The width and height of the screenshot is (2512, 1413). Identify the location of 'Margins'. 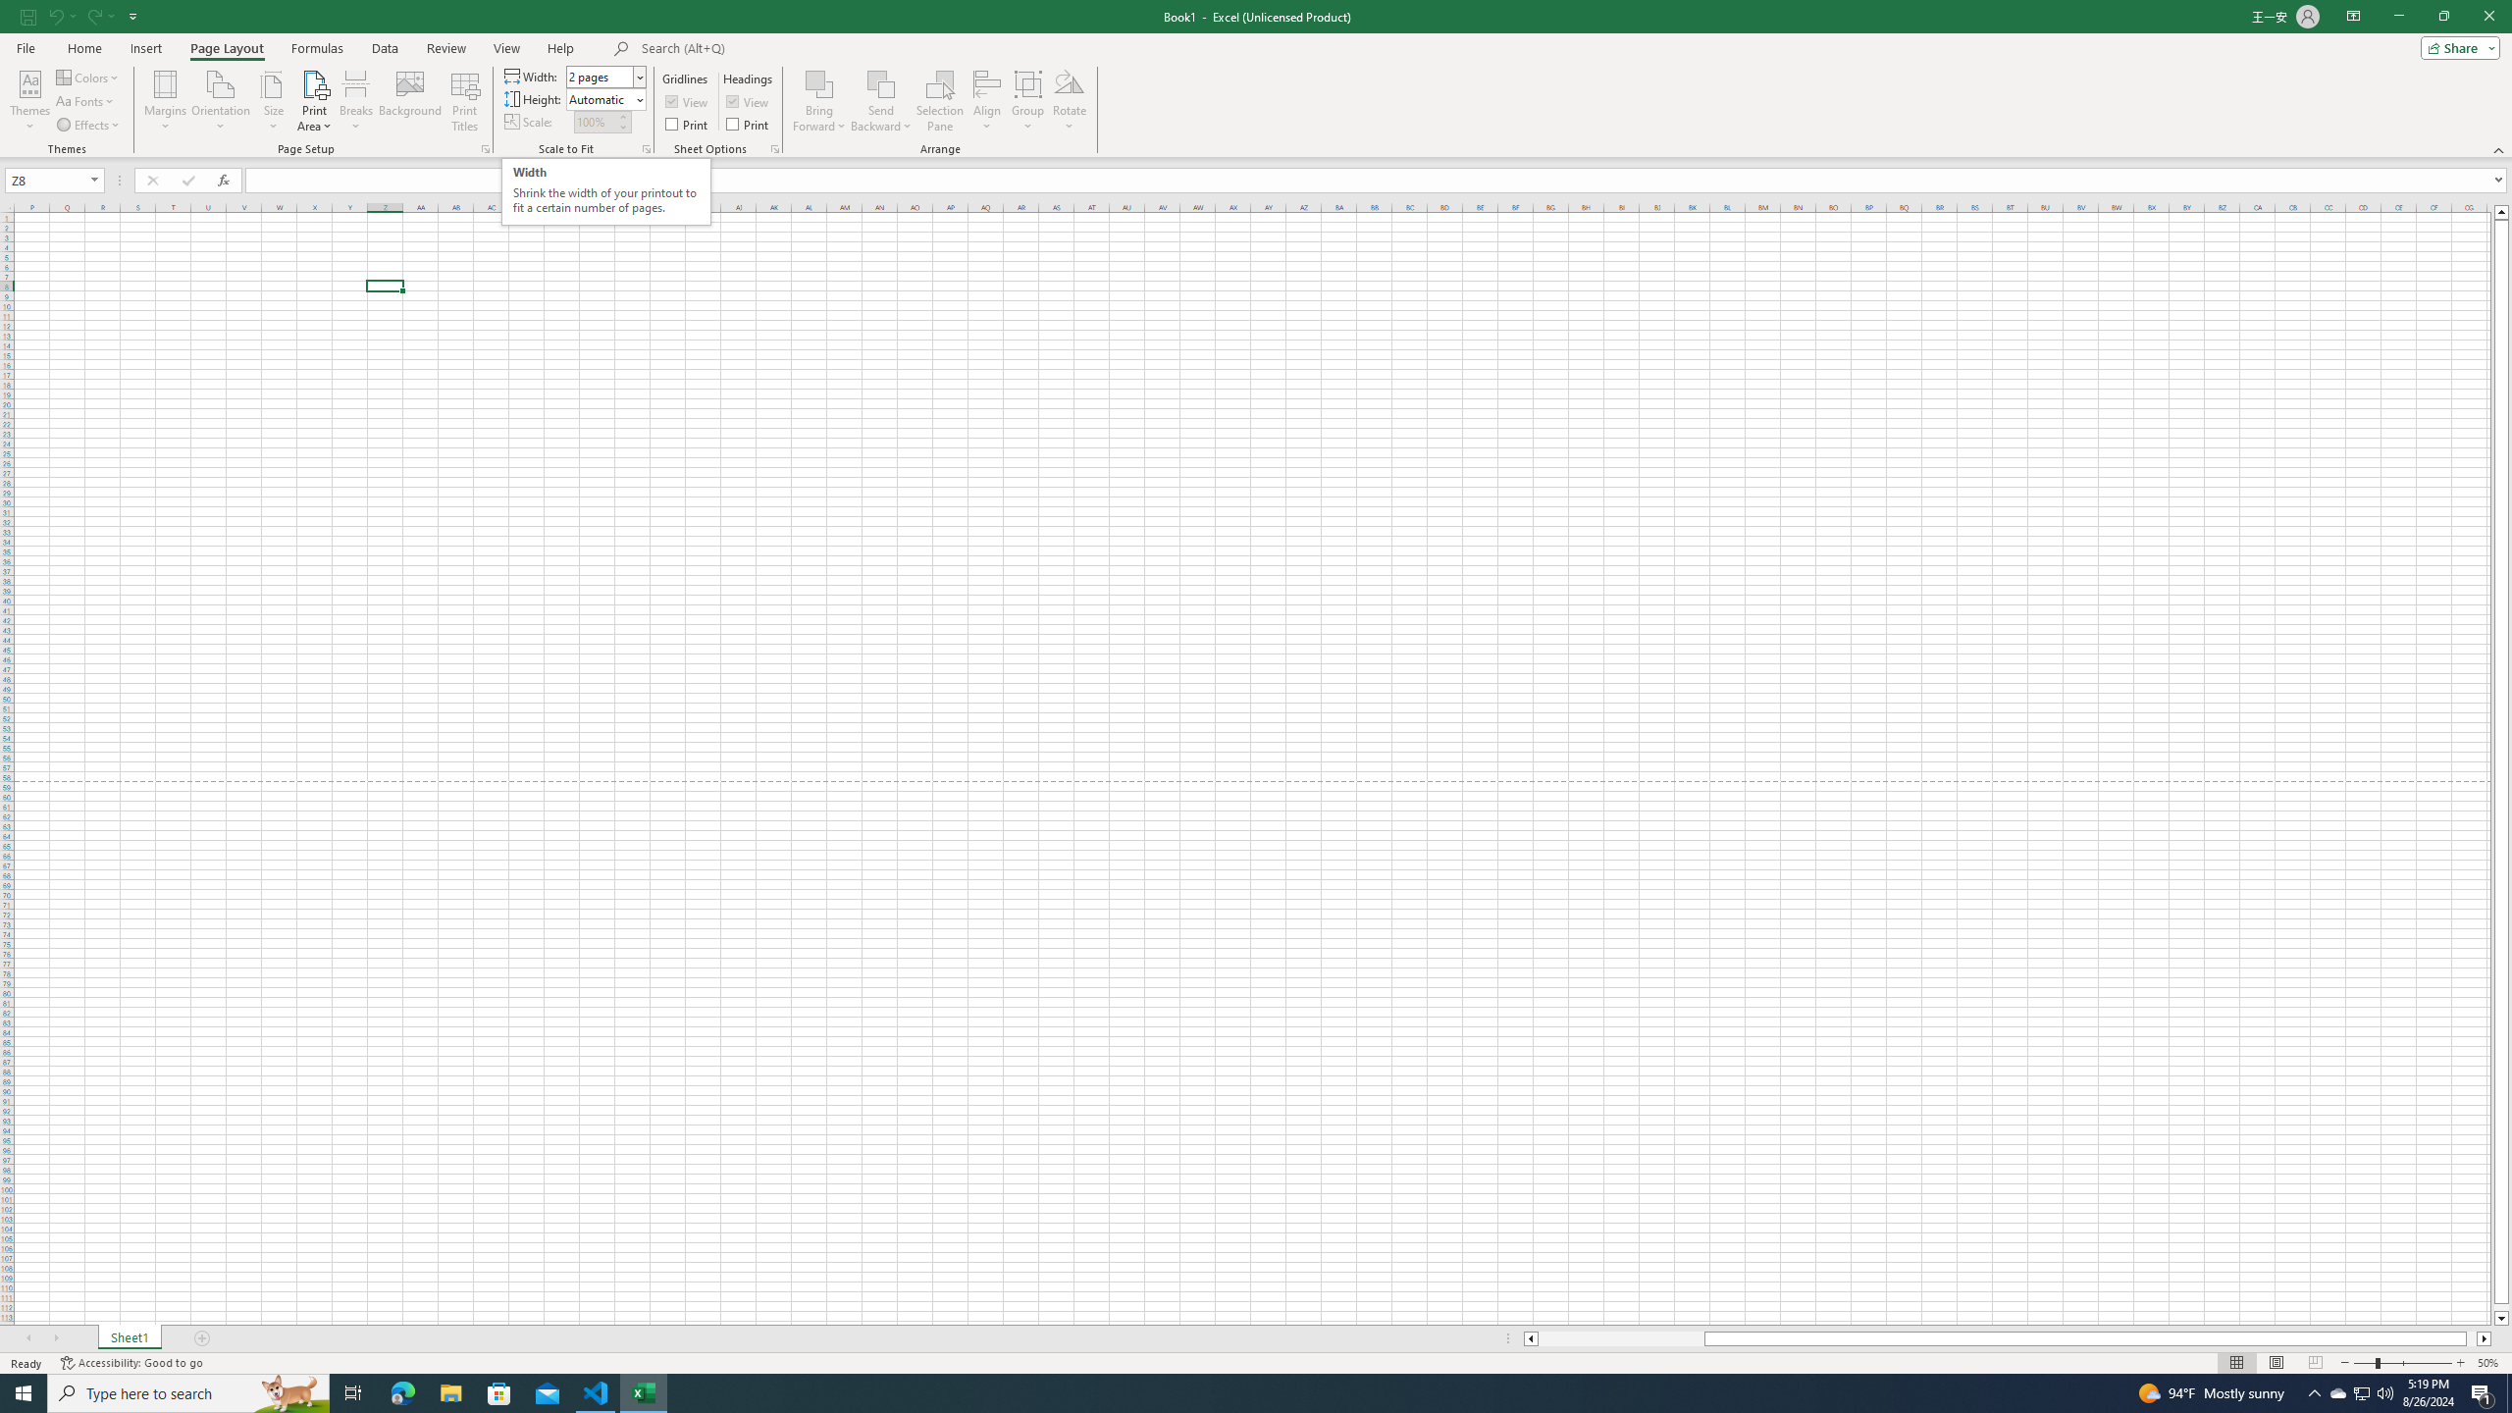
(164, 101).